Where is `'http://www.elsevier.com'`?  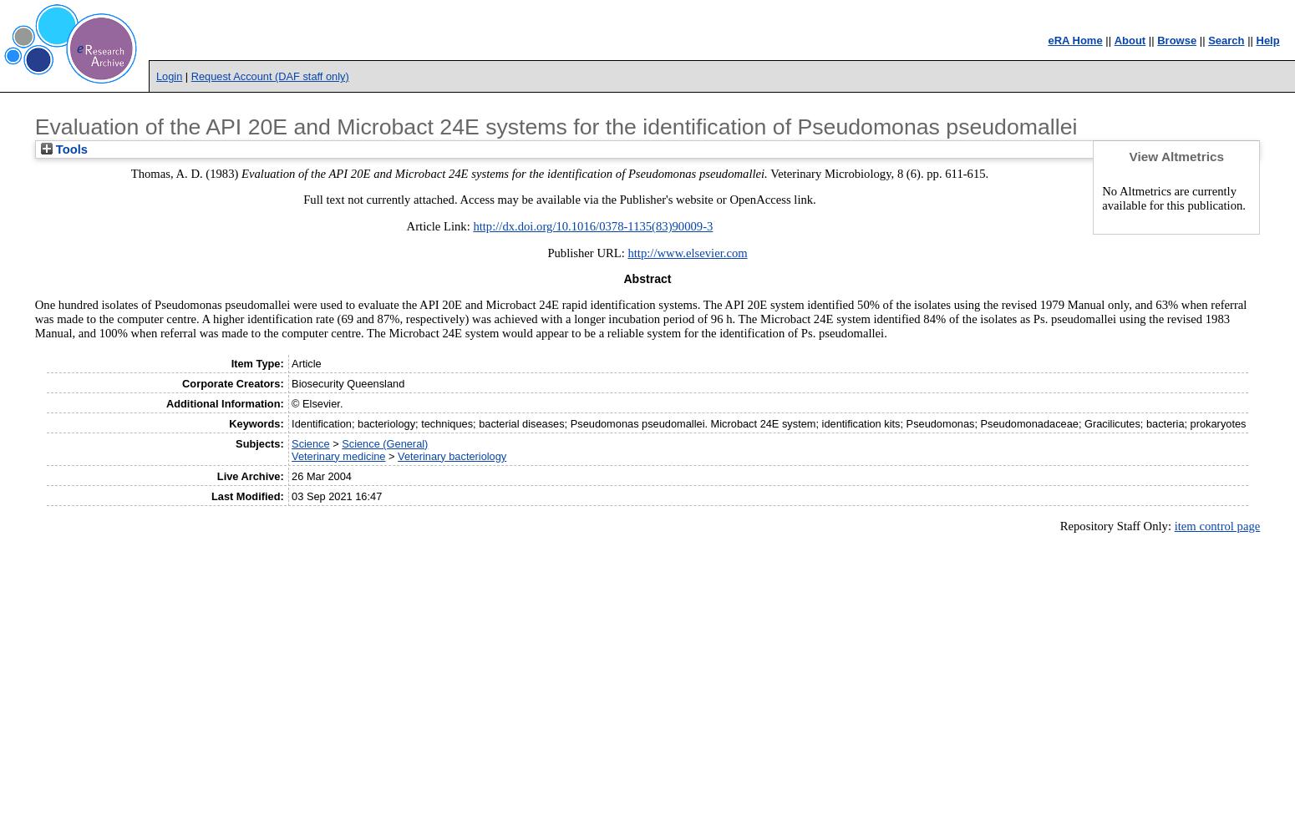 'http://www.elsevier.com' is located at coordinates (686, 252).